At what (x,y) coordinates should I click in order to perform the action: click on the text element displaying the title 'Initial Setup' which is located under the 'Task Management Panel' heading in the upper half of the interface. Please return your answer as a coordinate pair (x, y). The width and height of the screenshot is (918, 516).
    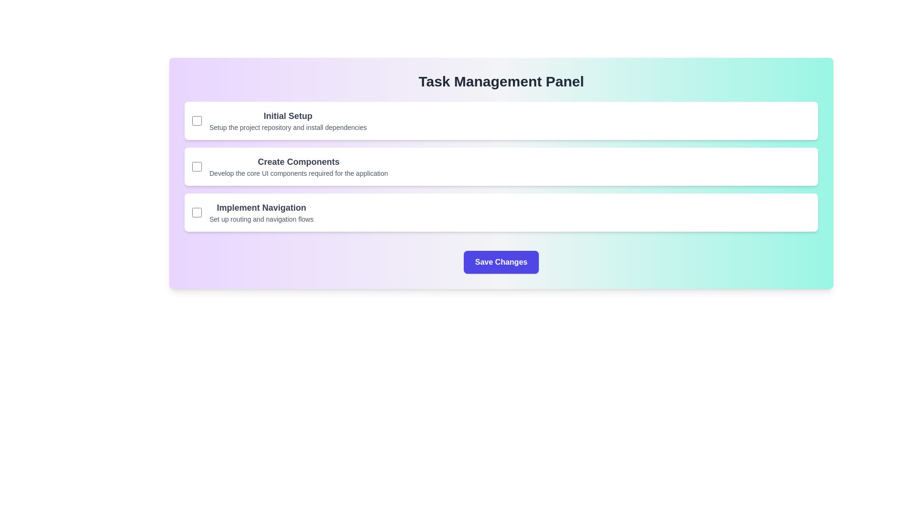
    Looking at the image, I should click on (287, 116).